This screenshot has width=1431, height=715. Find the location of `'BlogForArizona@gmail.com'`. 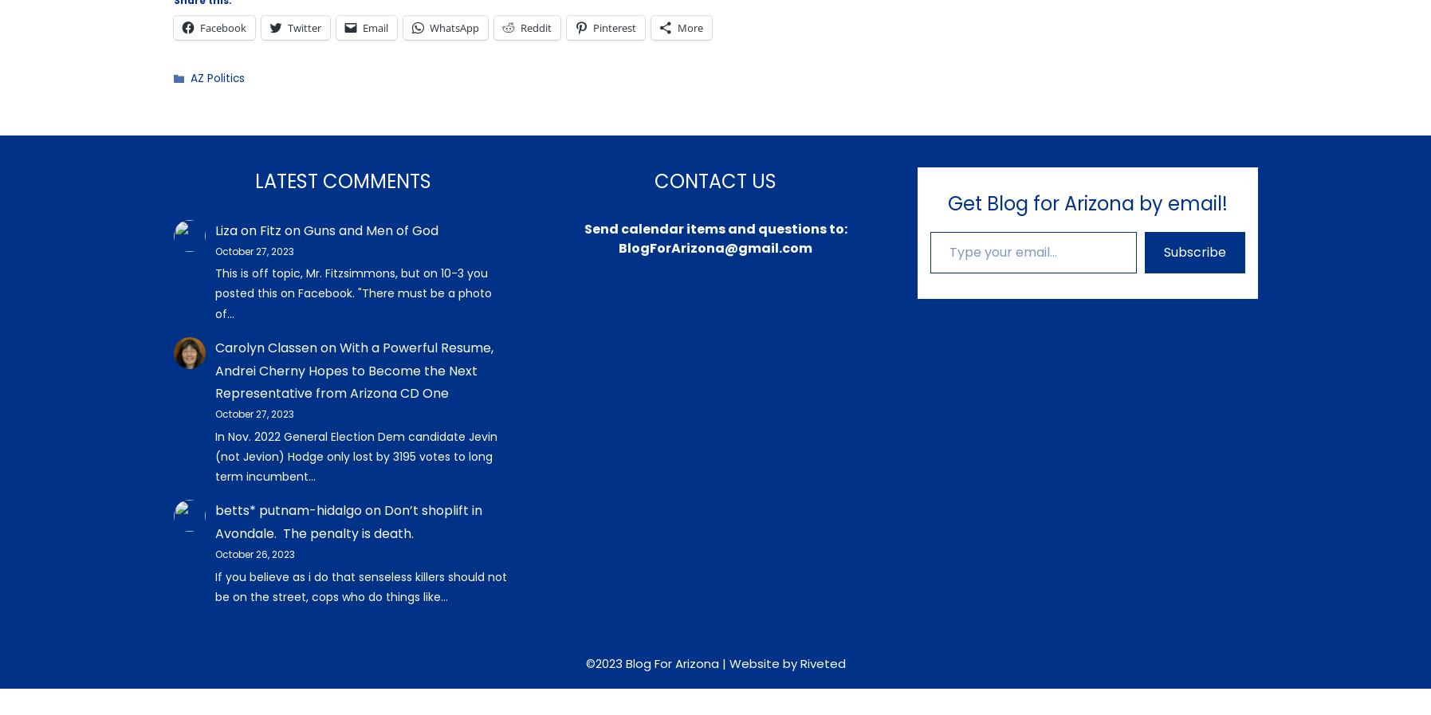

'BlogForArizona@gmail.com' is located at coordinates (714, 246).